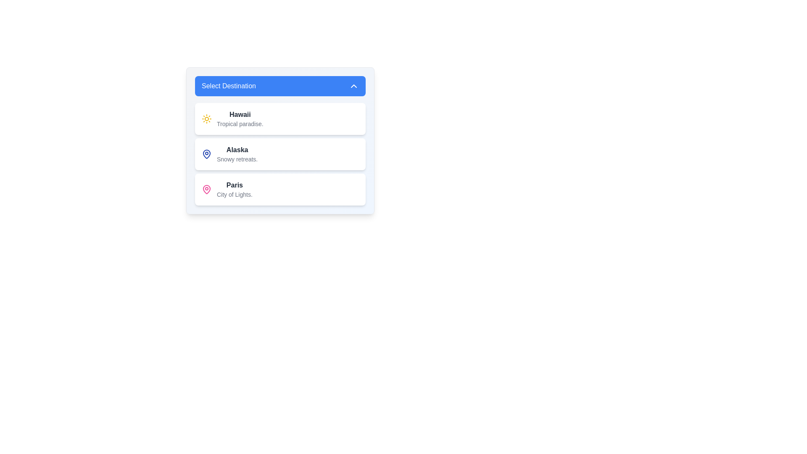 The image size is (807, 454). Describe the element at coordinates (227, 190) in the screenshot. I see `the interactive list item displaying 'Paris' in bold dark gray text along with its accompanying pink location marker icon` at that location.